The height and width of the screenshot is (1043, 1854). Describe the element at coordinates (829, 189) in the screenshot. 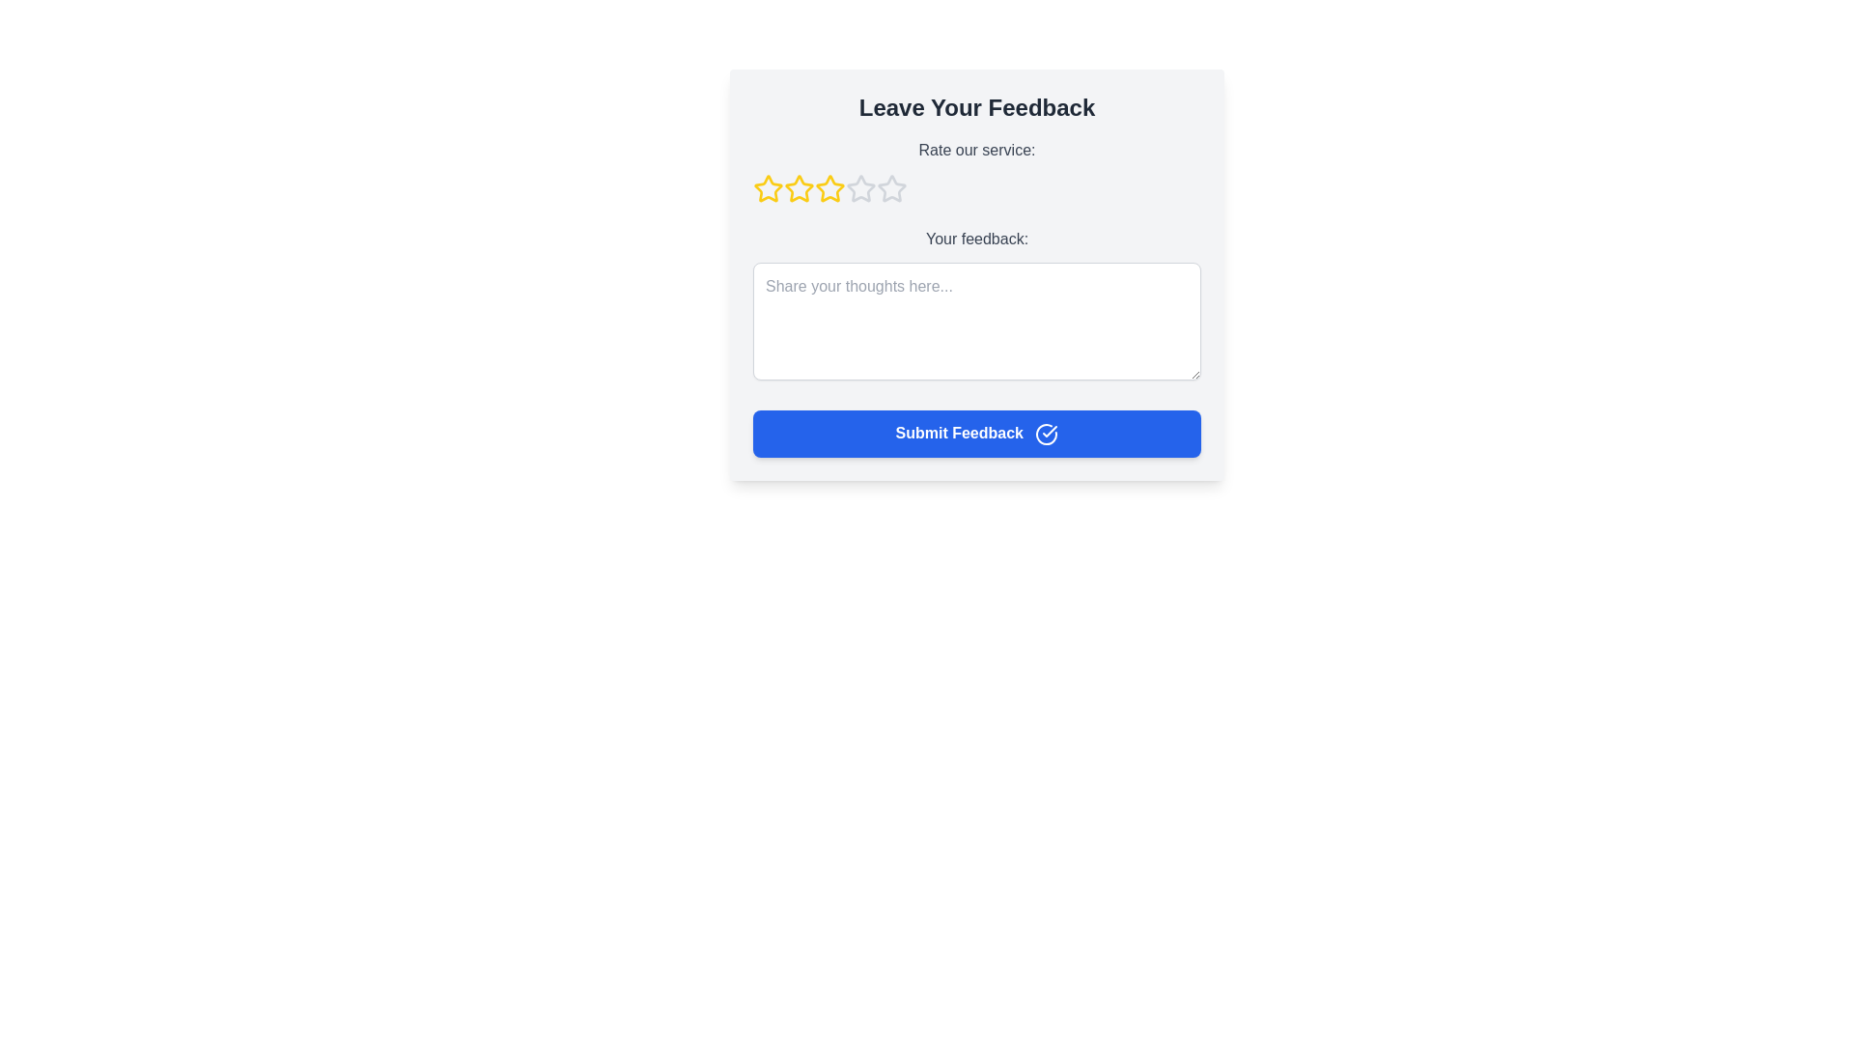

I see `the fourth yellow star in the rating system` at that location.